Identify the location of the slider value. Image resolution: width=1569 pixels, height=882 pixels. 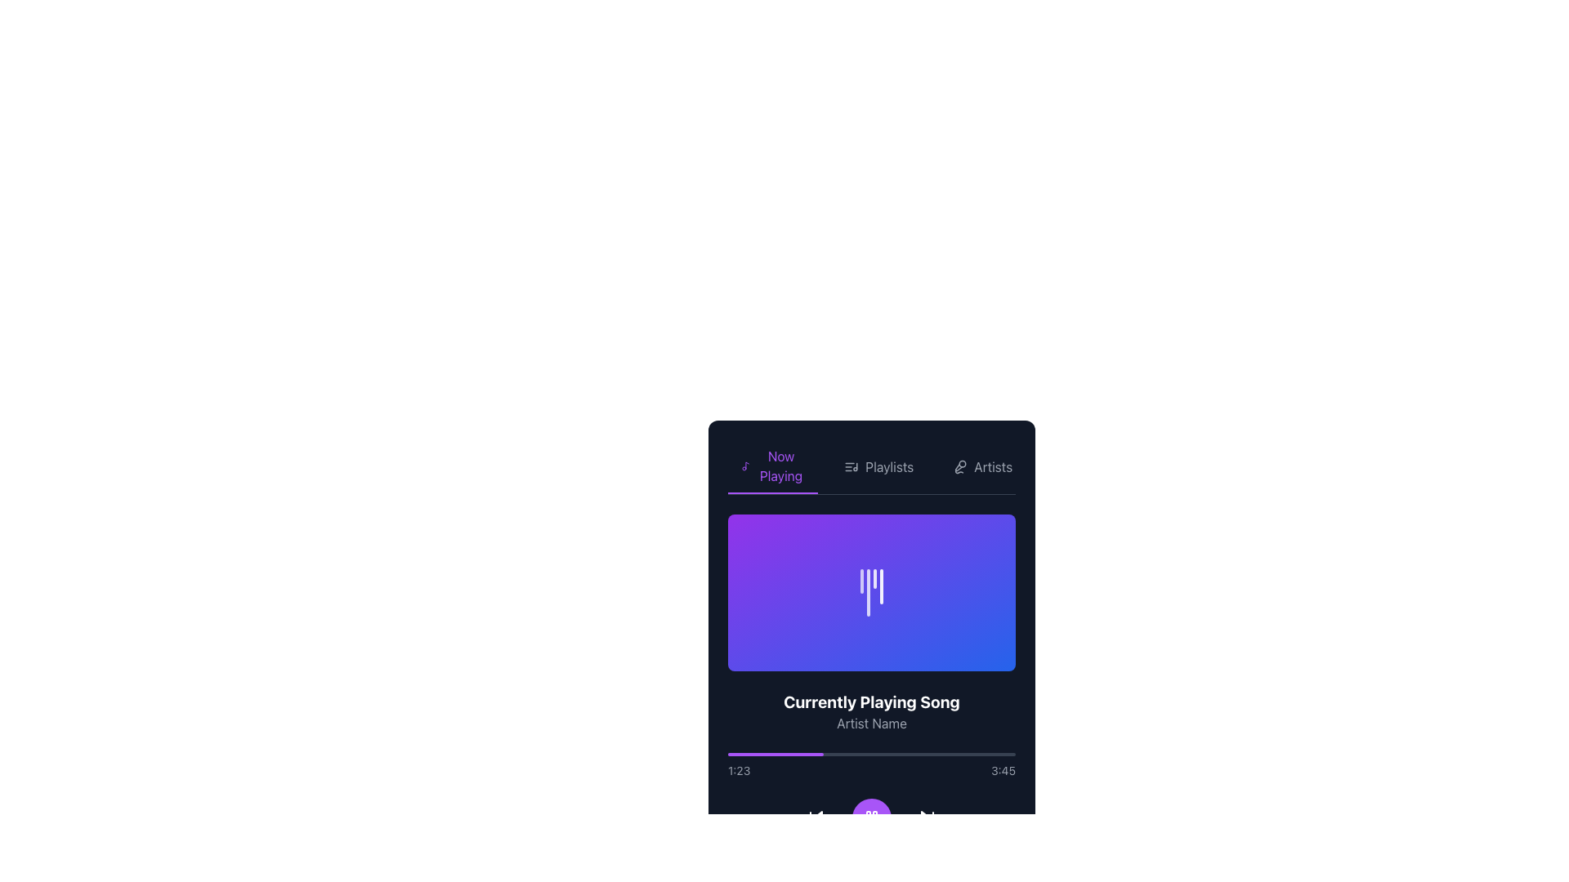
(852, 865).